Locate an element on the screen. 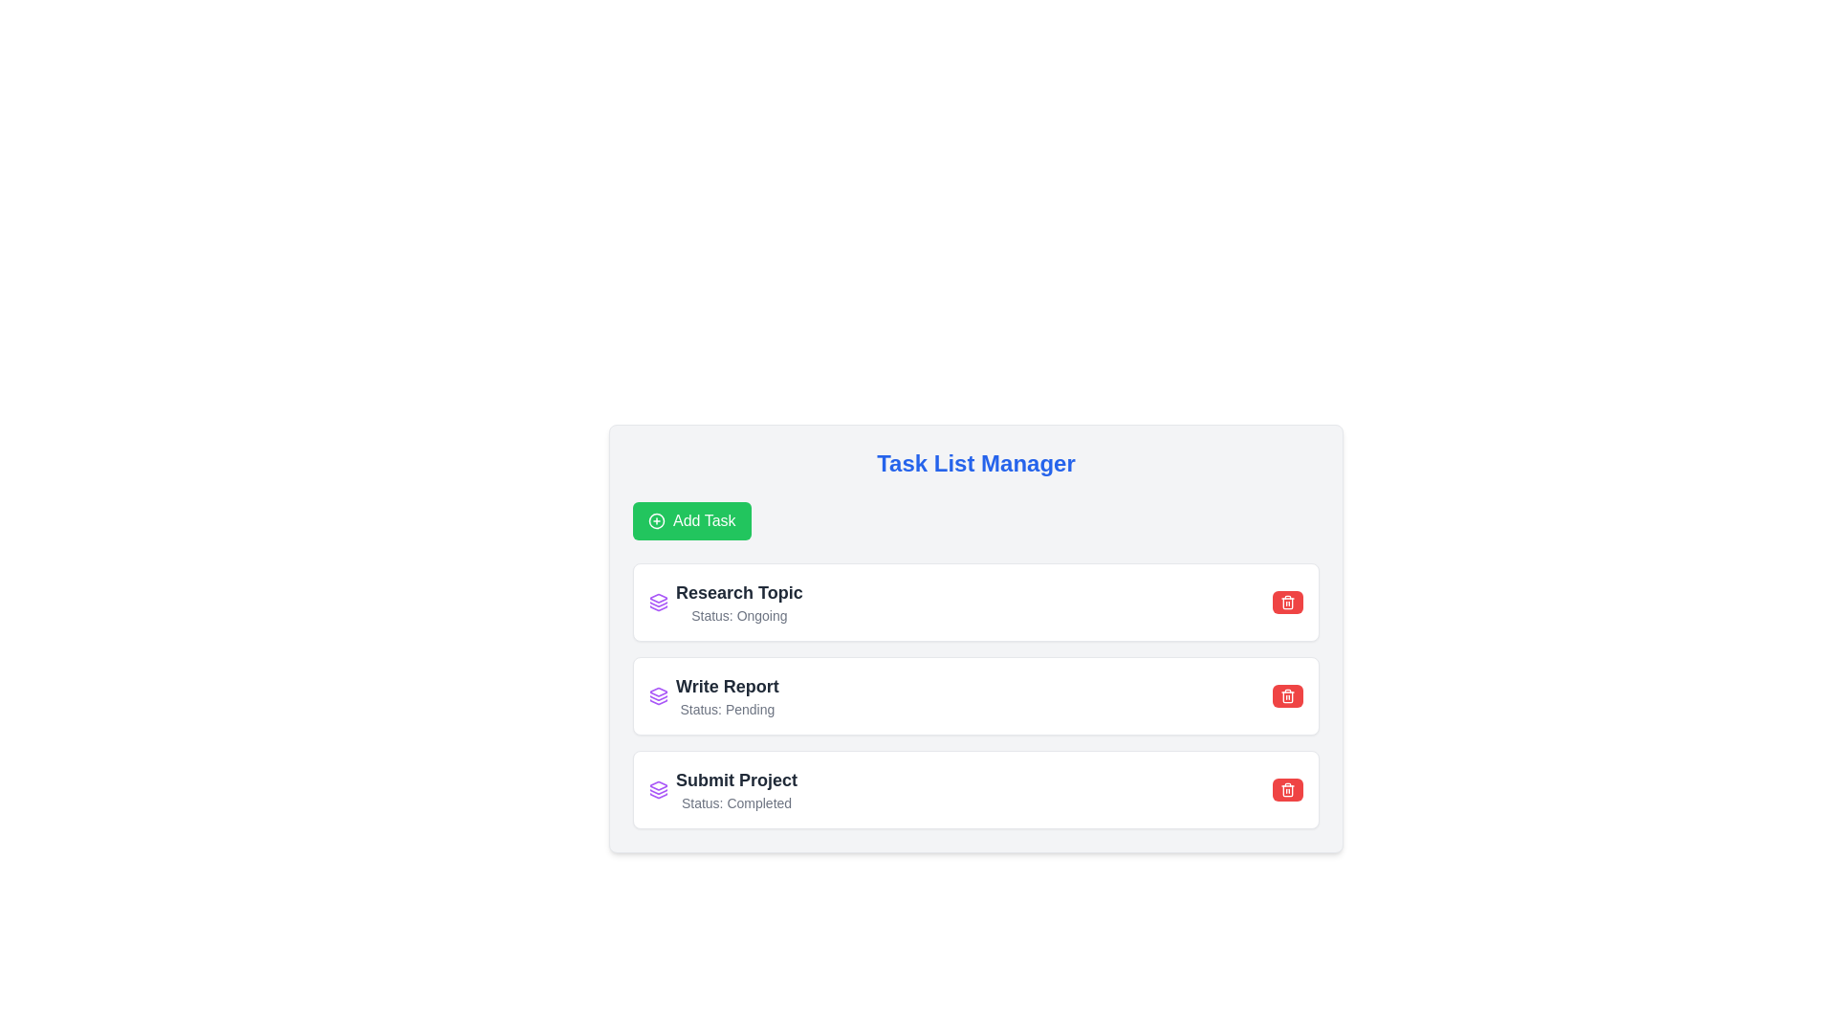 Image resolution: width=1836 pixels, height=1033 pixels. the red trash icon button representing the delete action adjacent to the 'Write Report' task entry for visual feedback is located at coordinates (1288, 789).